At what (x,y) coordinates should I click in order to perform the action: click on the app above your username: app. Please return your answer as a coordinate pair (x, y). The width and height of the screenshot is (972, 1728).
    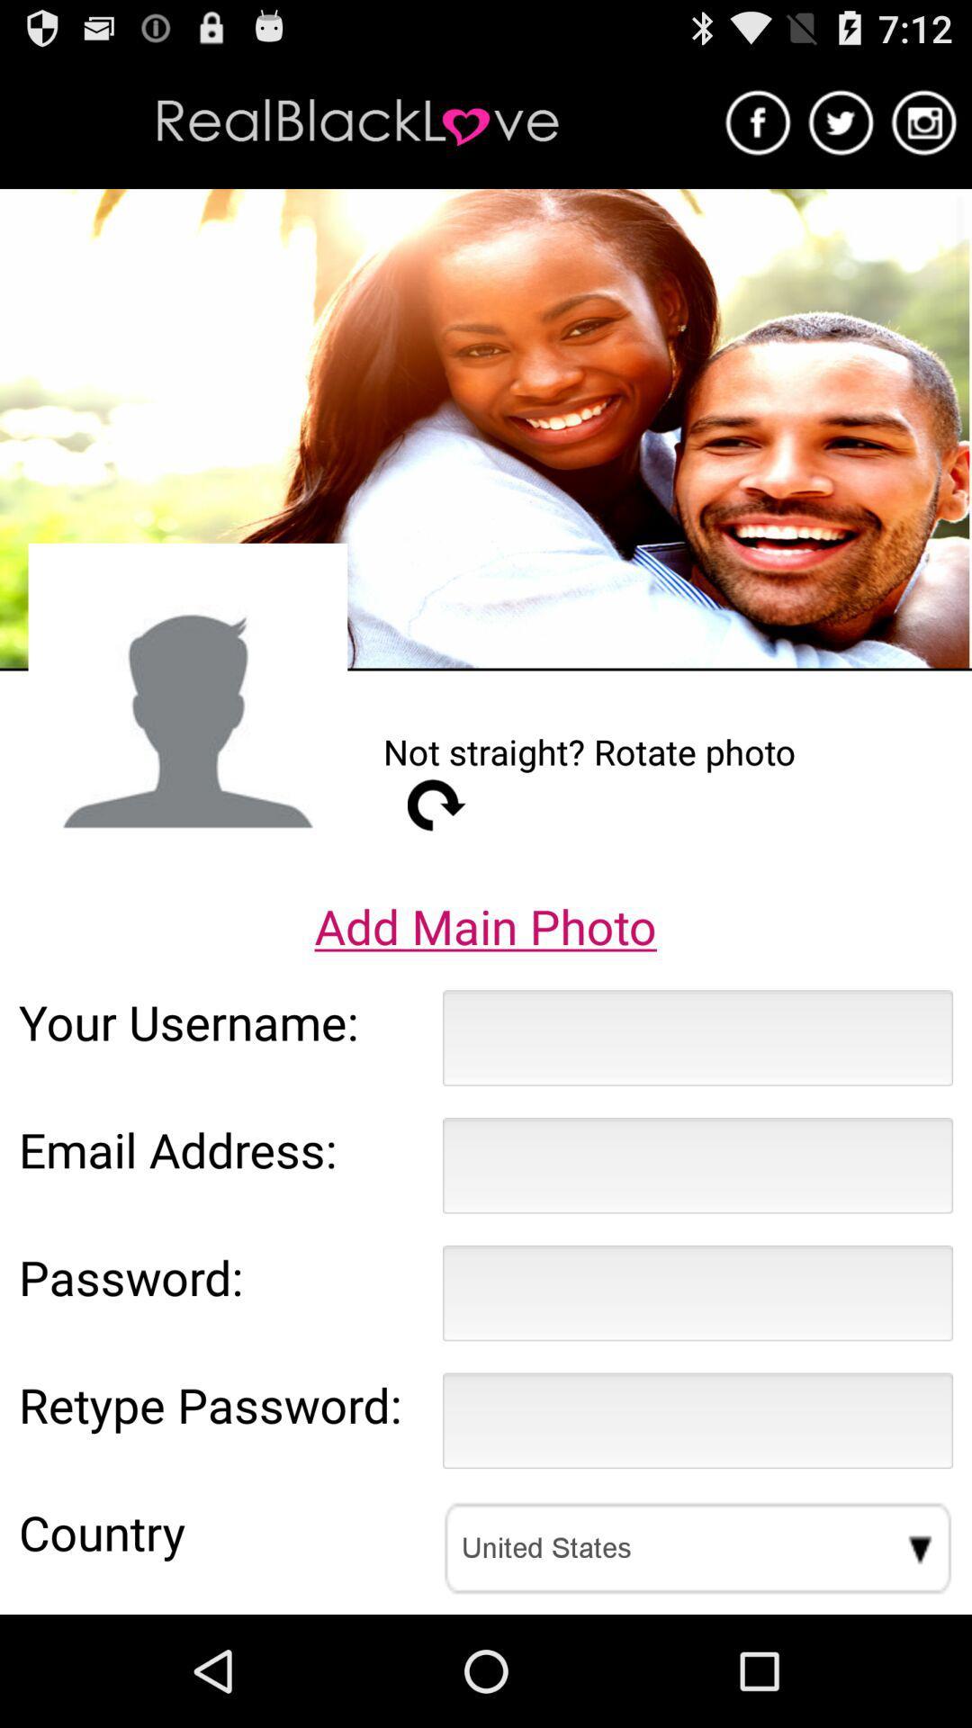
    Looking at the image, I should click on (484, 926).